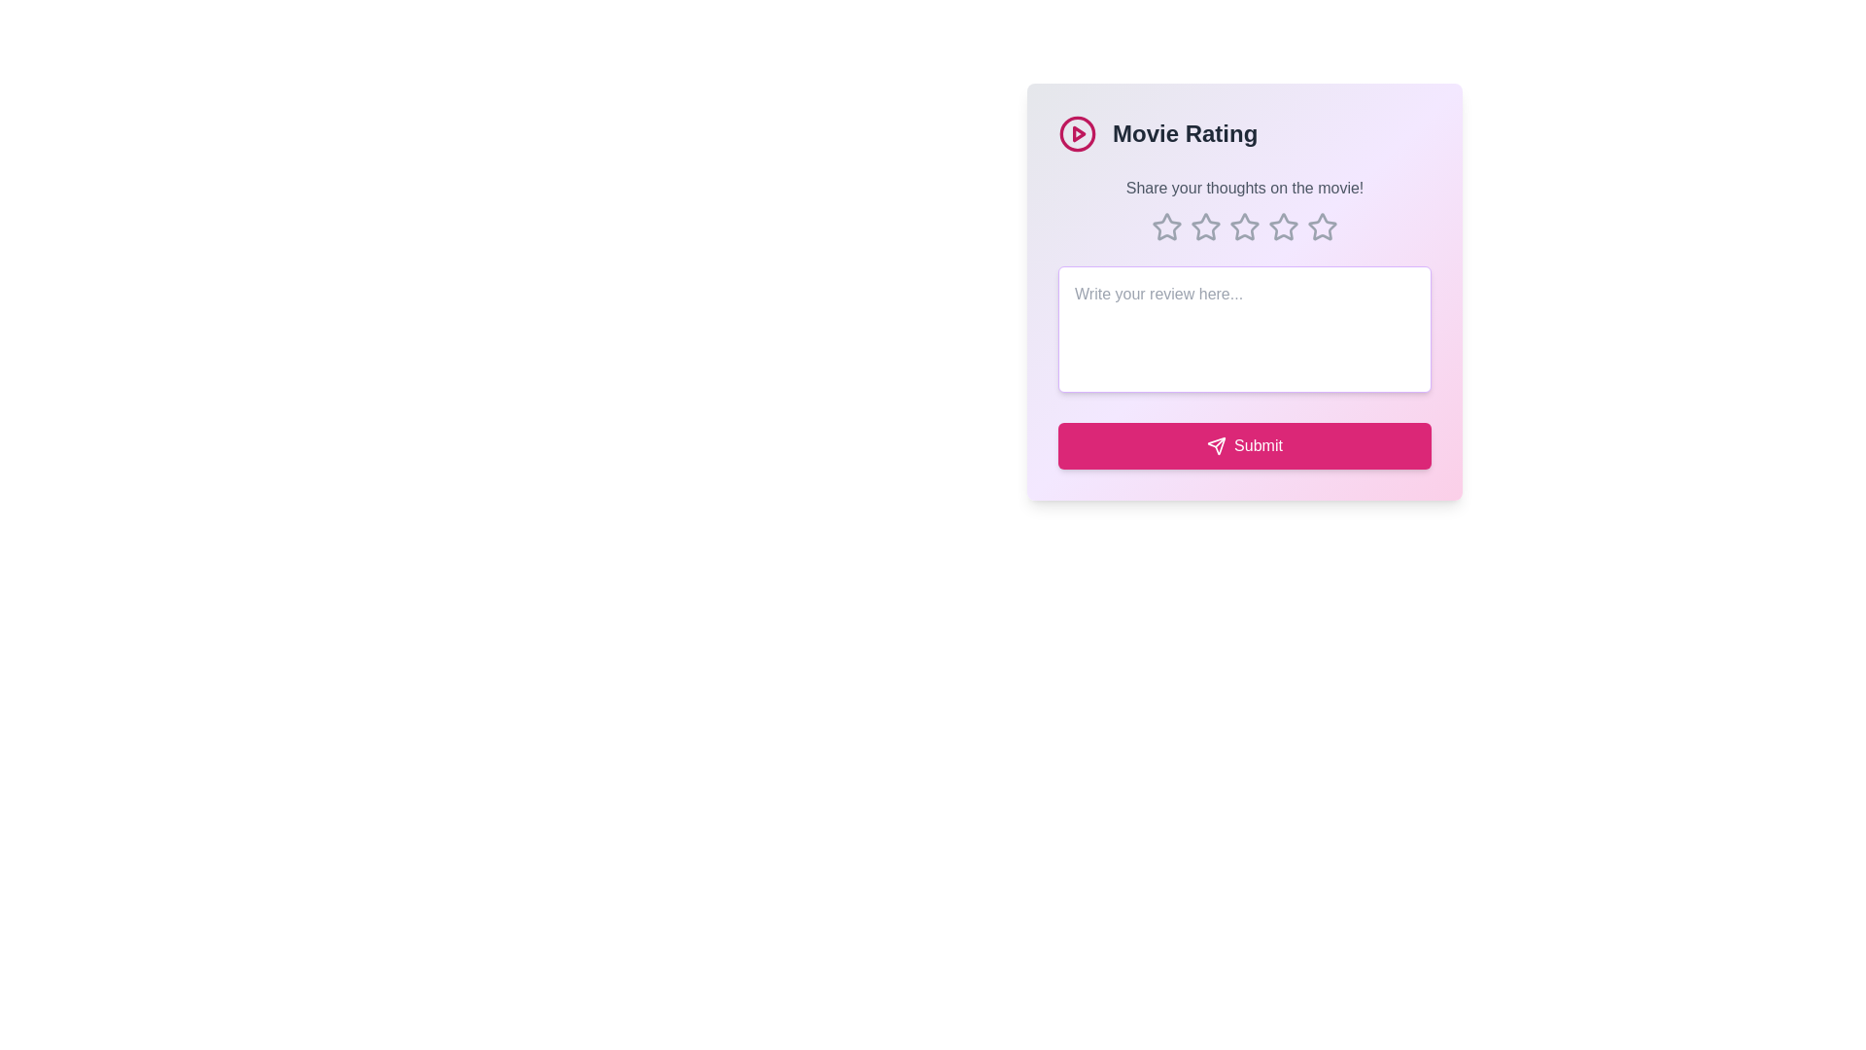 The height and width of the screenshot is (1050, 1866). I want to click on the central star icon in the 'Movie Rating' modal to assign a rating of three out of five, so click(1245, 227).